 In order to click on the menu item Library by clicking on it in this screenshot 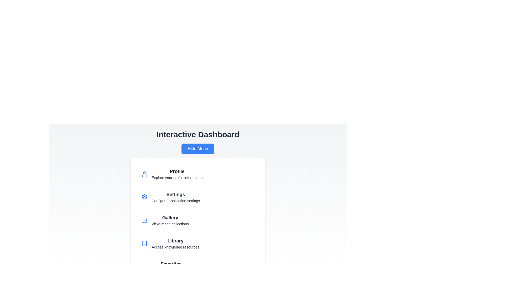, I will do `click(198, 243)`.